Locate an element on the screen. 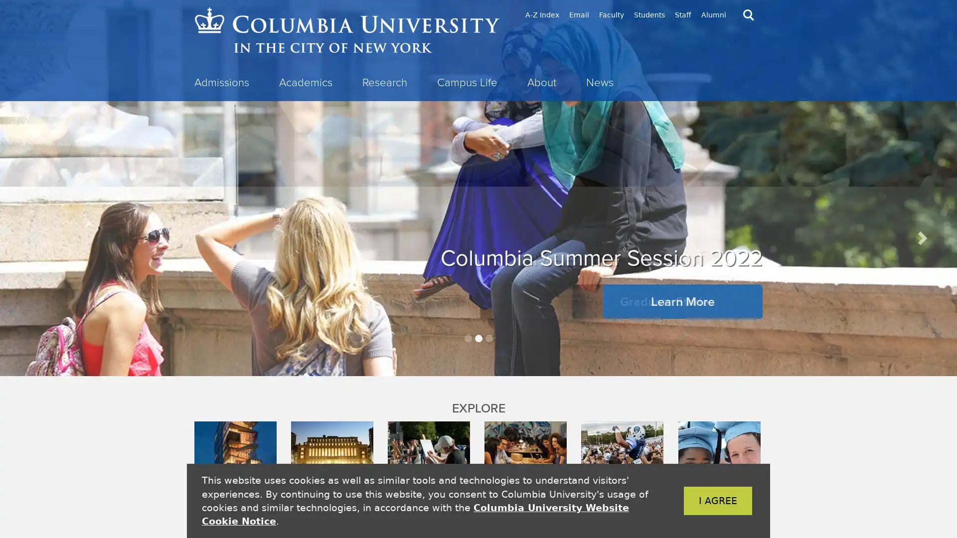 This screenshot has width=957, height=538. Next is located at coordinates (921, 238).